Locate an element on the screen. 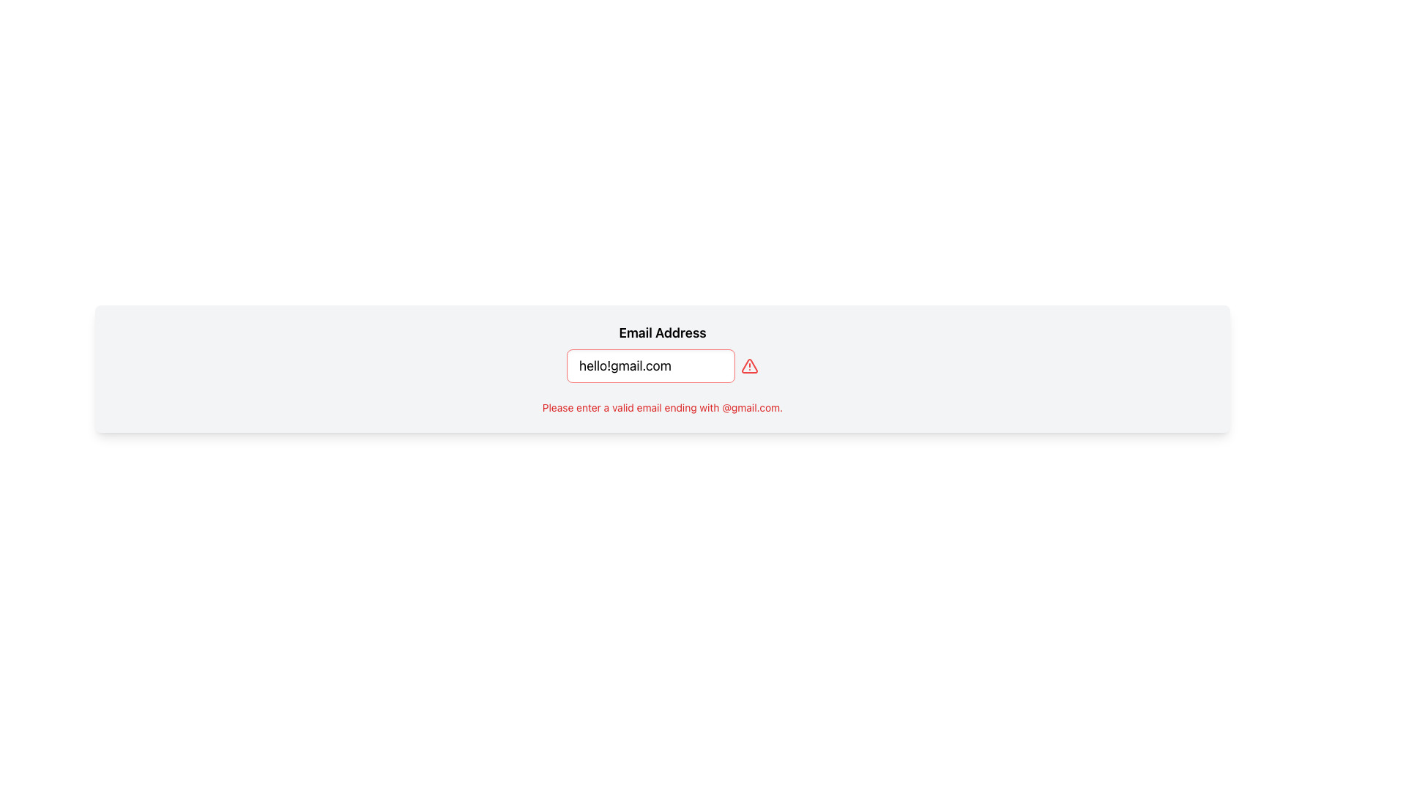 The image size is (1406, 791). the validation error message indicating that the entered email should end with '@gmail.com', located below the 'Email Address' input field and alert icon is located at coordinates (661, 407).